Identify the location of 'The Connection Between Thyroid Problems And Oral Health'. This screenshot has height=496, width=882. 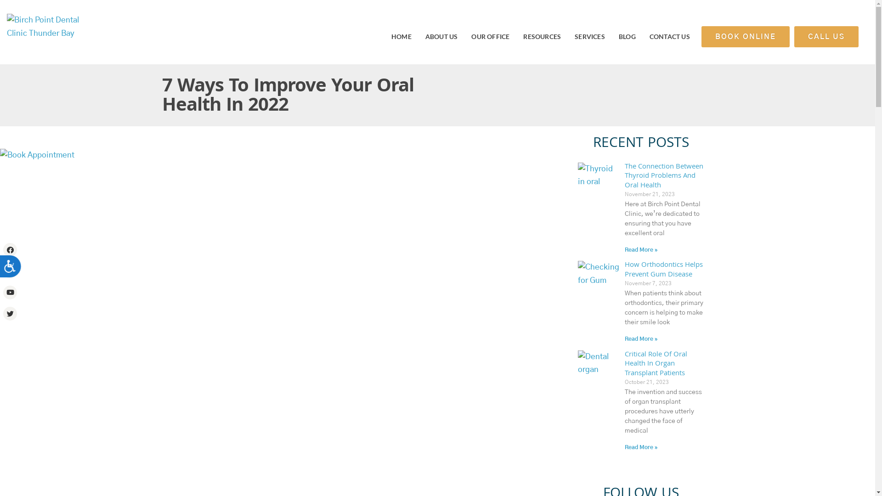
(624, 177).